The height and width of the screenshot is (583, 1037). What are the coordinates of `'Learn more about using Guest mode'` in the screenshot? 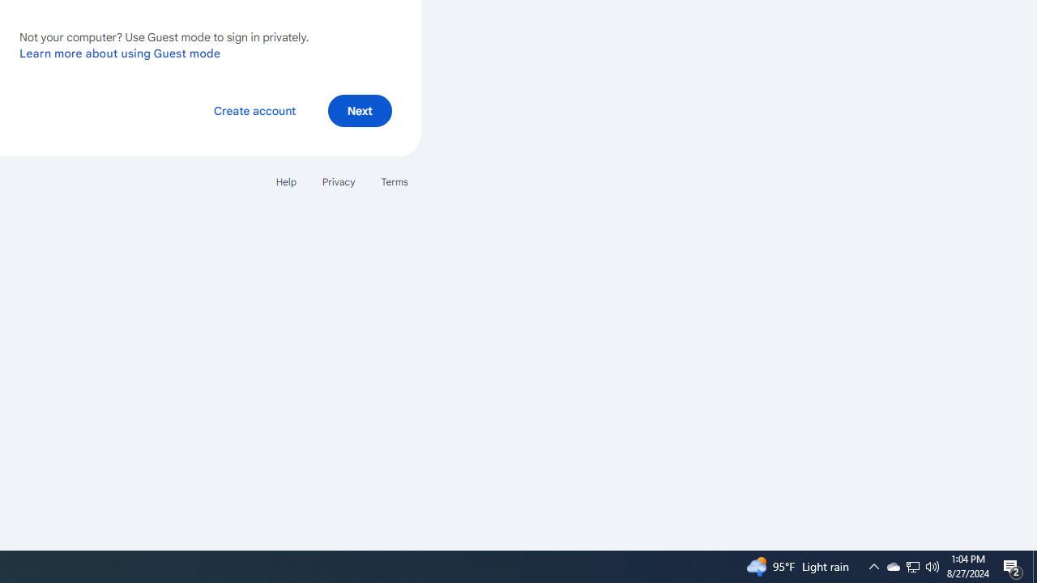 It's located at (119, 52).